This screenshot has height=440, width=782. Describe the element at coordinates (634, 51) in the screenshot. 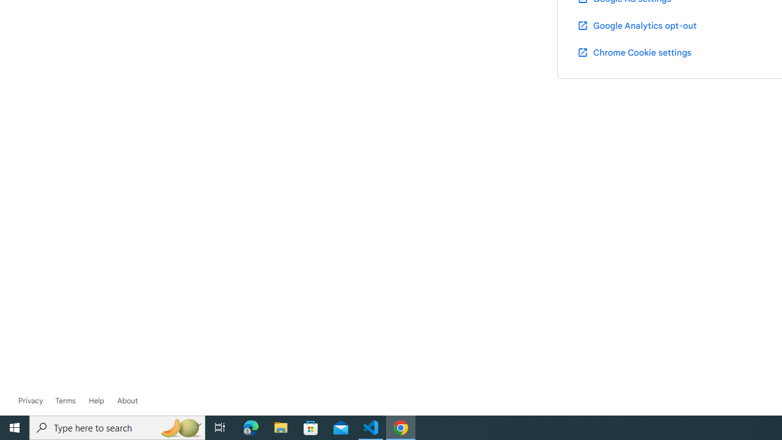

I see `'Chrome Cookie settings'` at that location.